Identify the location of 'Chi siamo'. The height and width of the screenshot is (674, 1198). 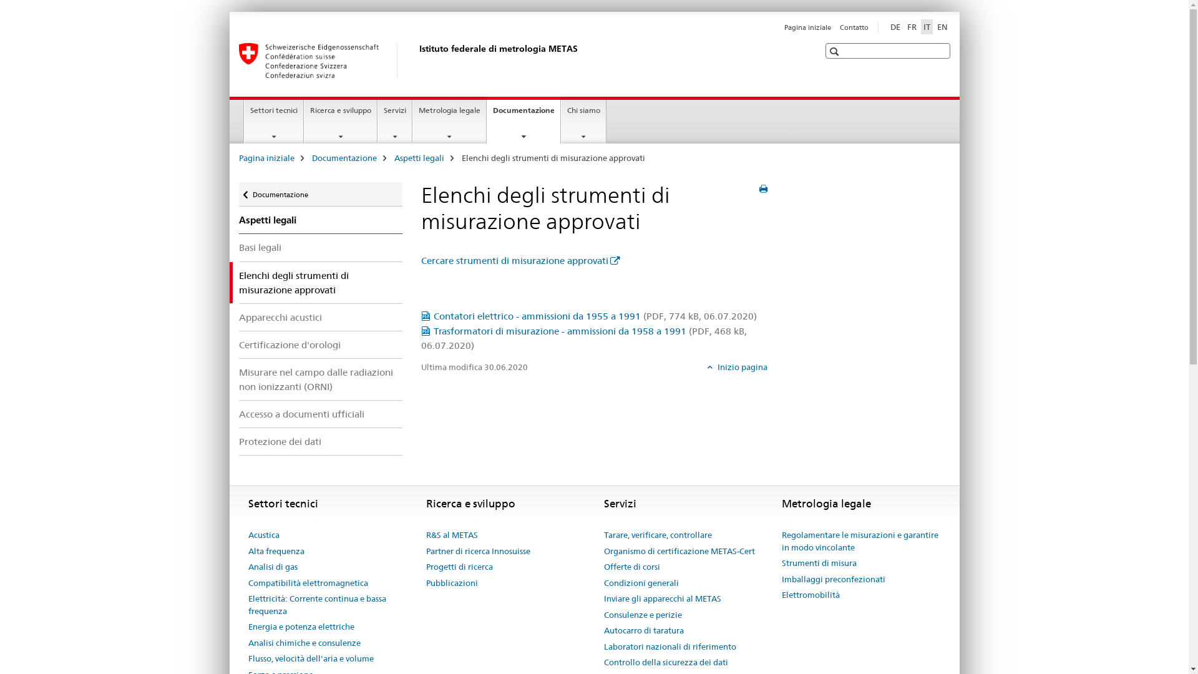
(583, 122).